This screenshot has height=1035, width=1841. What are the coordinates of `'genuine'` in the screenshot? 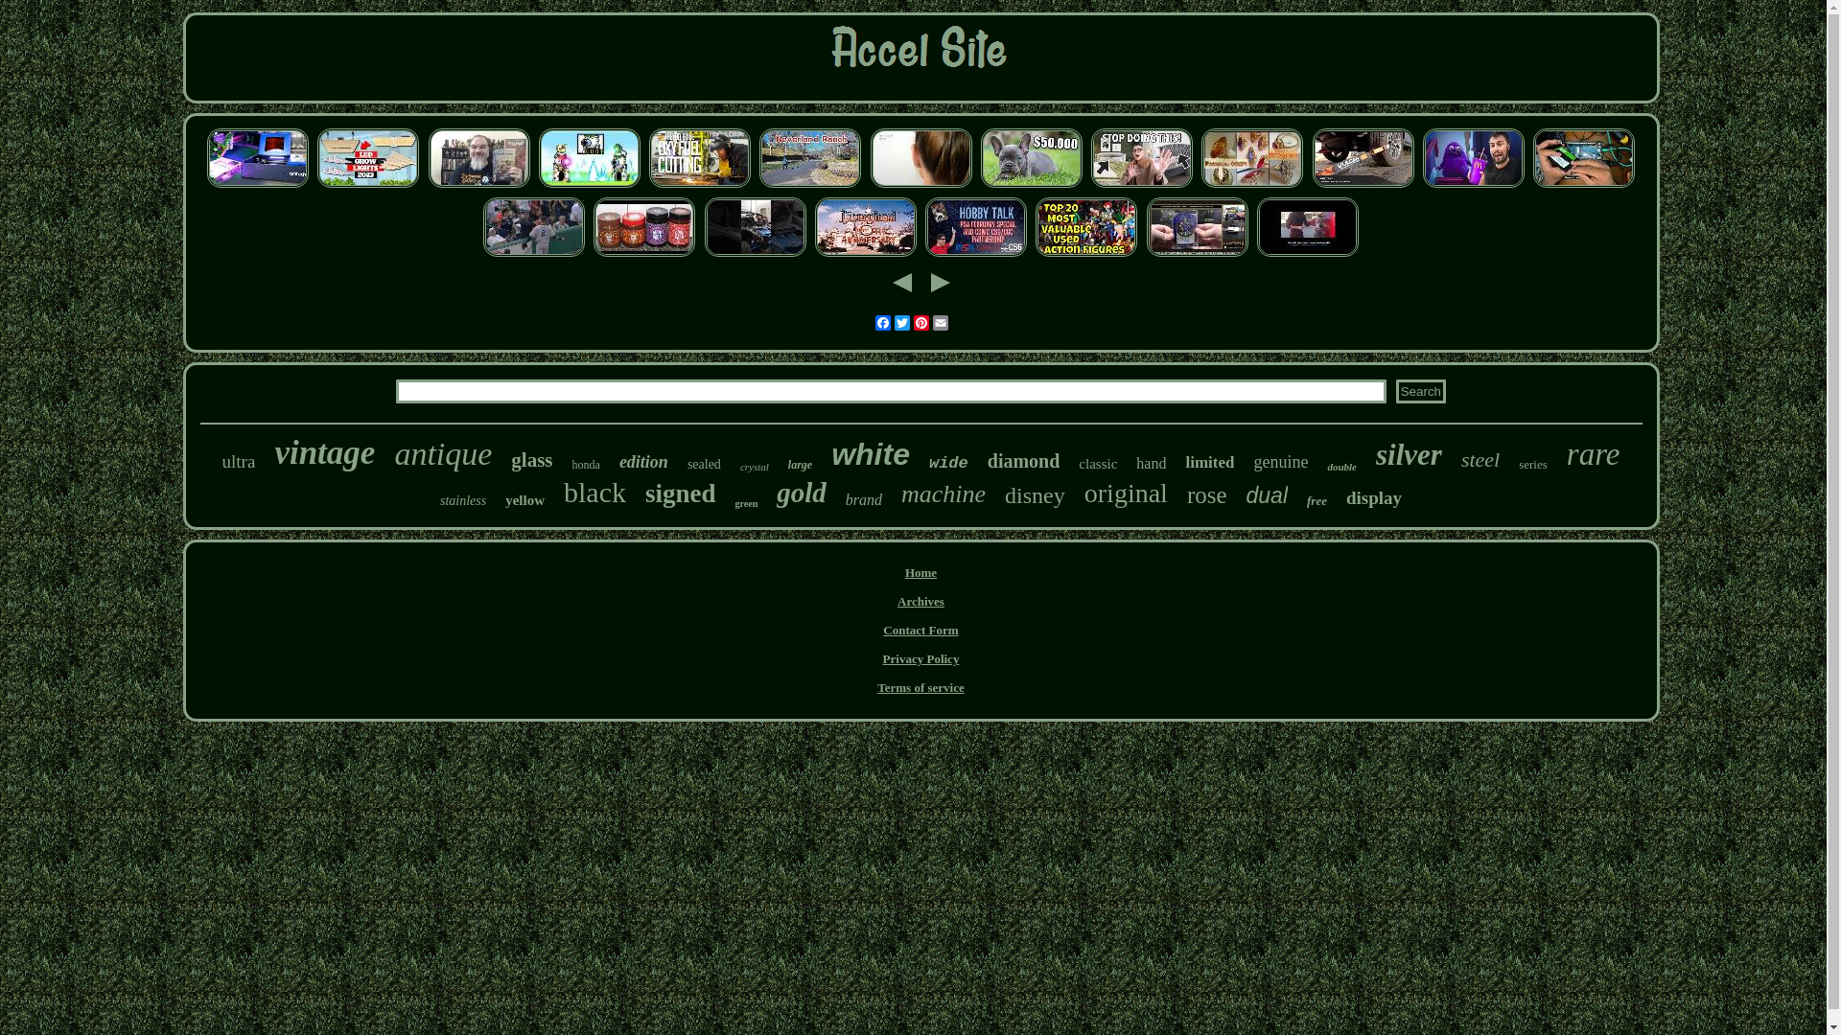 It's located at (1280, 462).